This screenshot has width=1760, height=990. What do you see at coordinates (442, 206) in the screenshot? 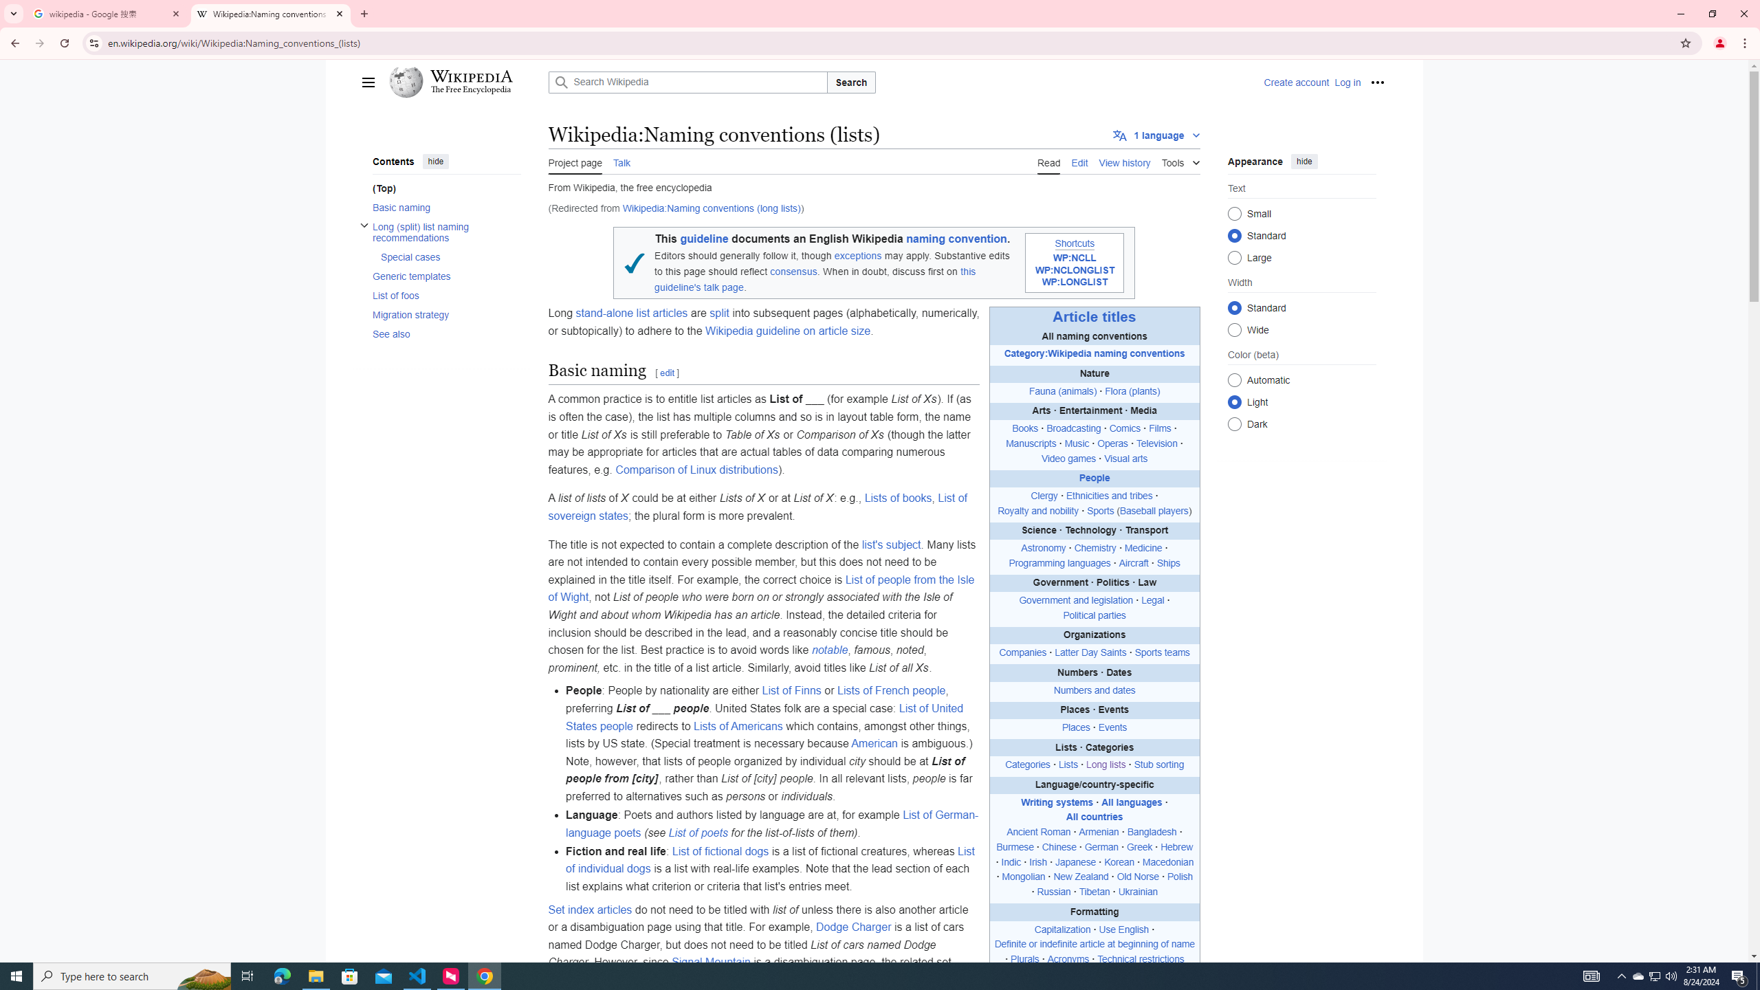
I see `'AutomationID: toc-Basic_naming'` at bounding box center [442, 206].